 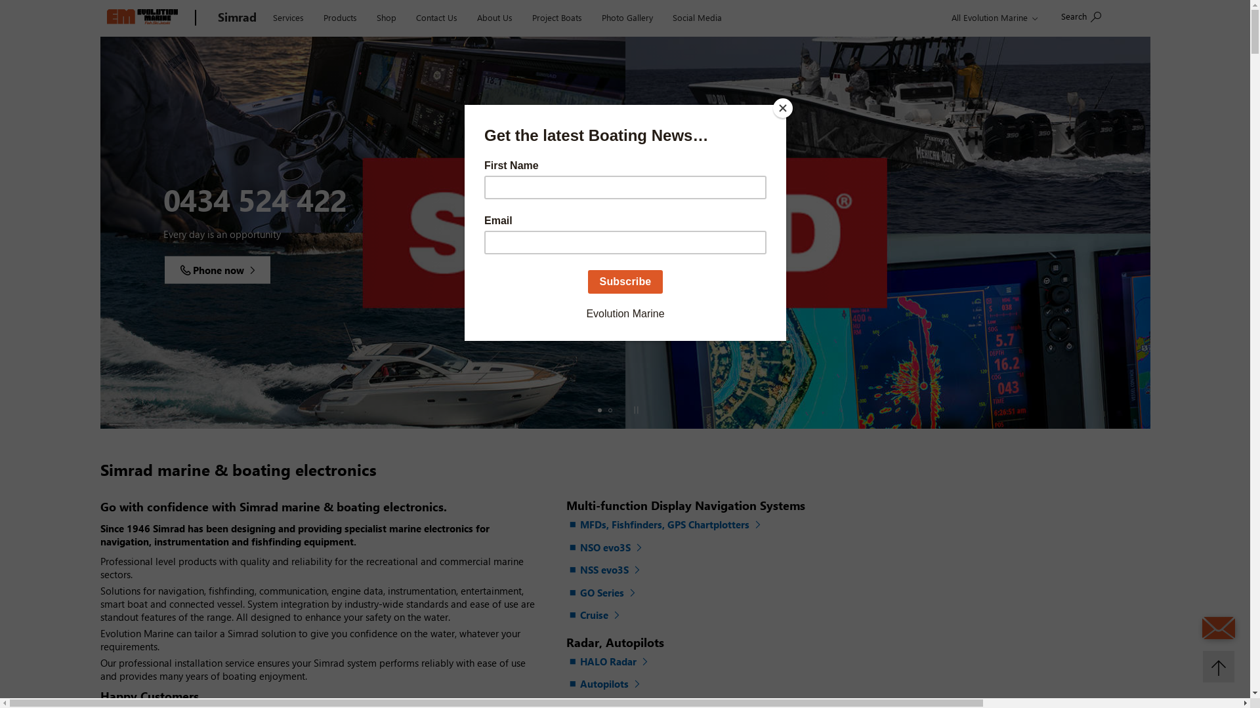 What do you see at coordinates (369, 16) in the screenshot?
I see `'Shop'` at bounding box center [369, 16].